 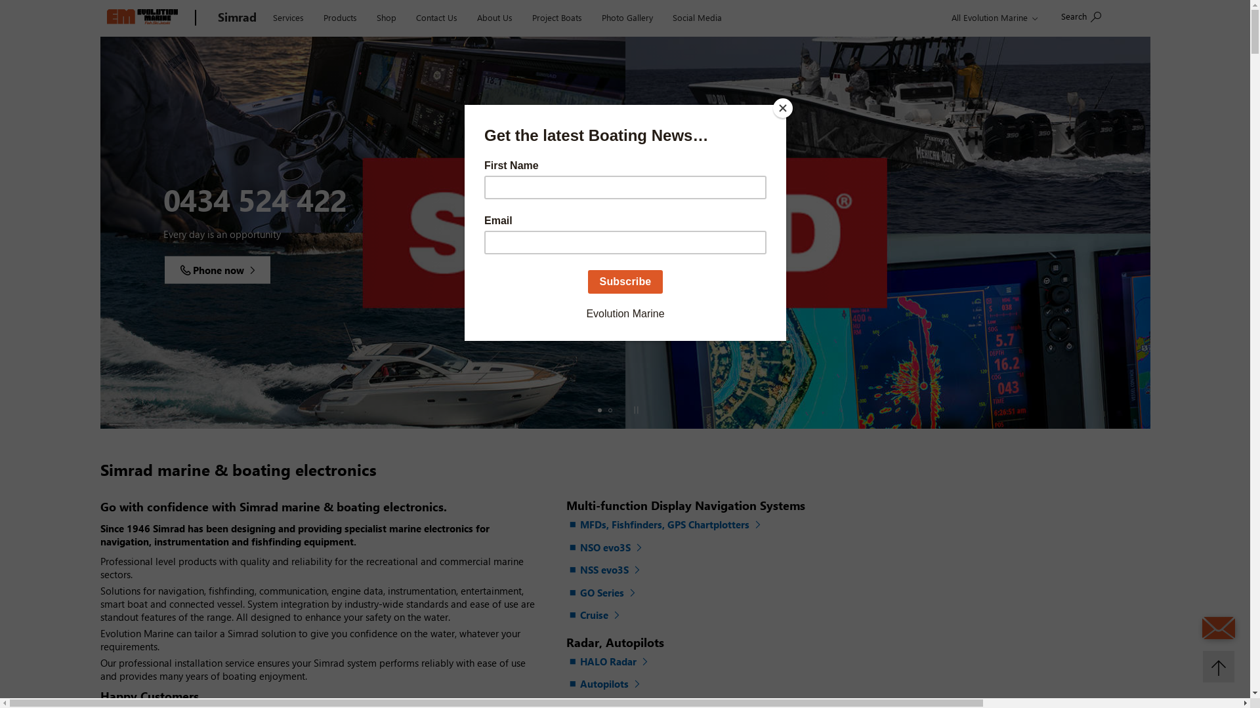 What do you see at coordinates (369, 16) in the screenshot?
I see `'Shop'` at bounding box center [369, 16].